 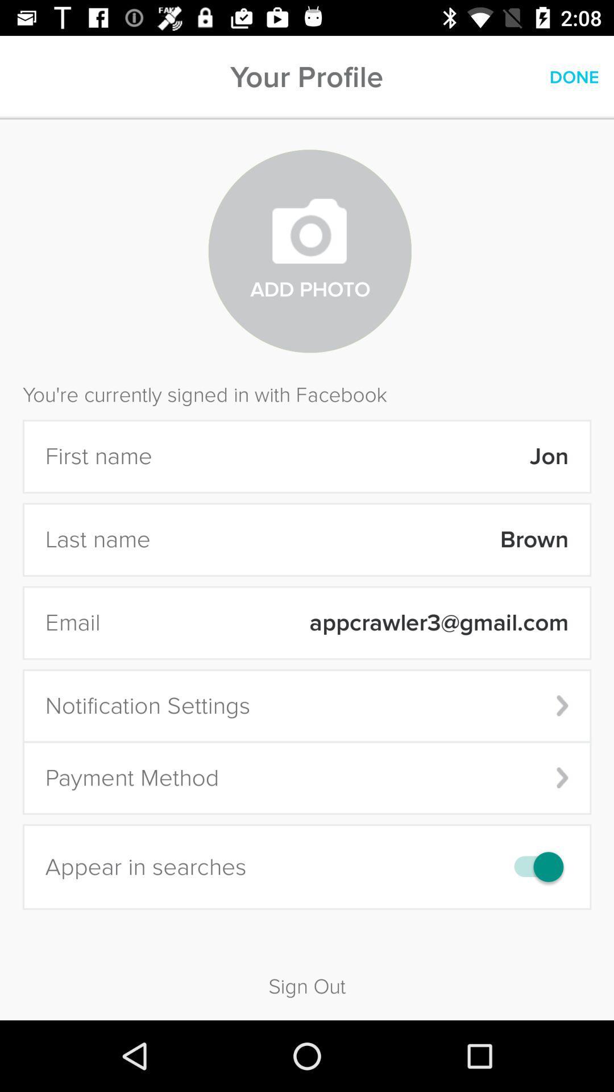 What do you see at coordinates (368, 456) in the screenshot?
I see `the icon below the you re currently icon` at bounding box center [368, 456].